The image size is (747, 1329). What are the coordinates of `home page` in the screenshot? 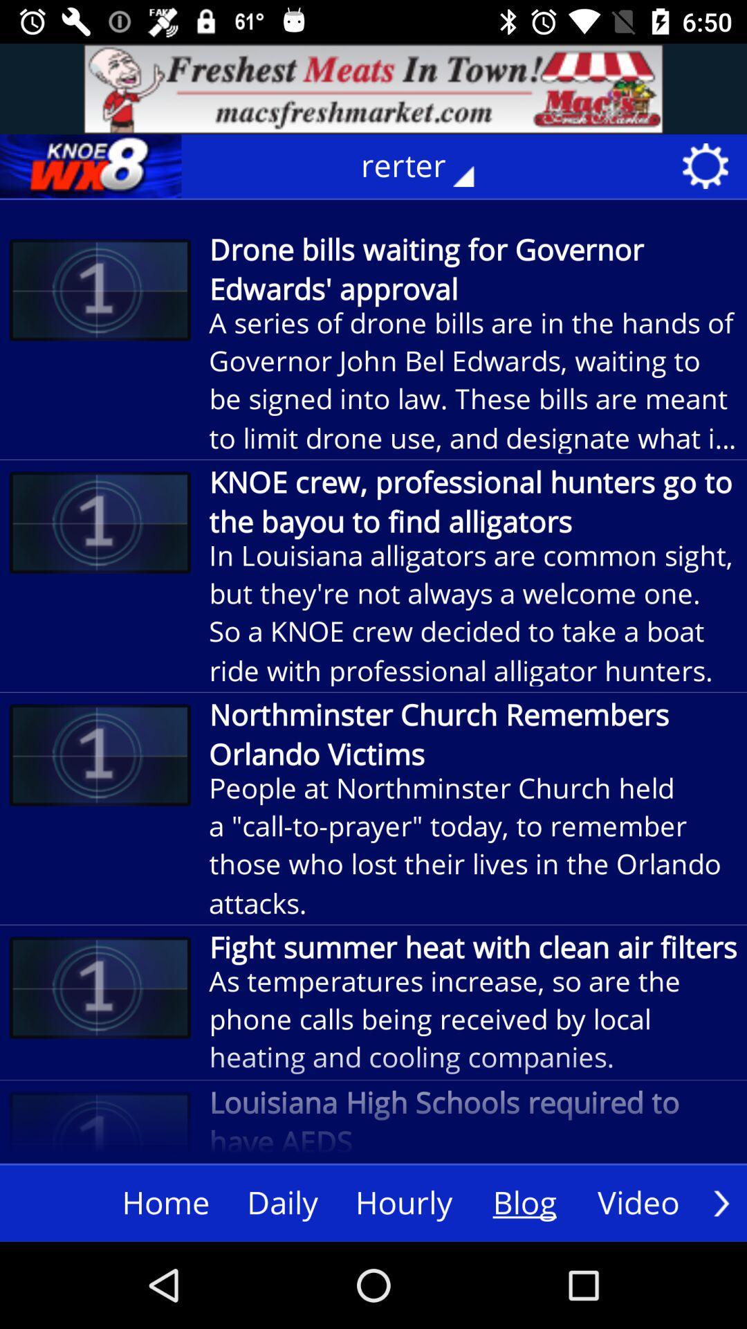 It's located at (91, 166).